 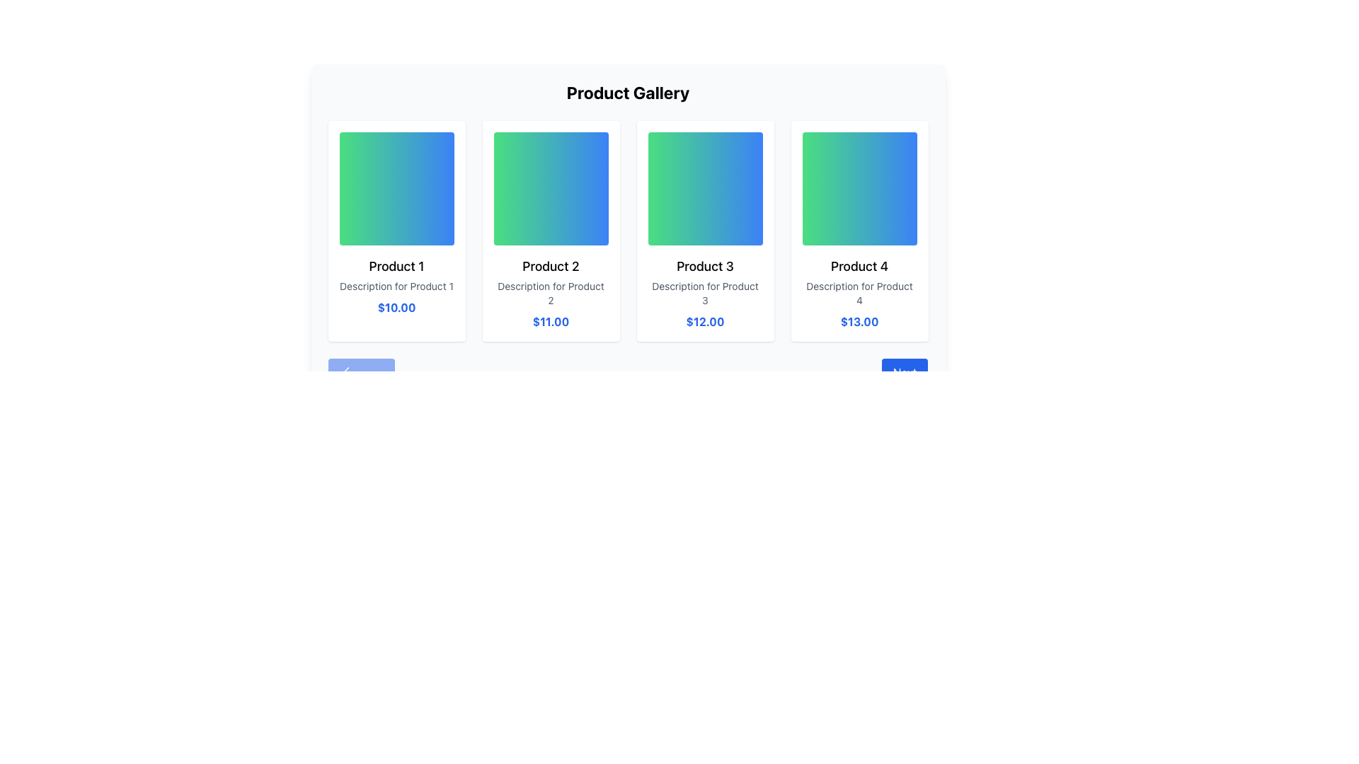 I want to click on the static text displaying the price of Product 2, located below the description paragraph 'Description for Product 2' at the bottom of the card, so click(x=550, y=322).